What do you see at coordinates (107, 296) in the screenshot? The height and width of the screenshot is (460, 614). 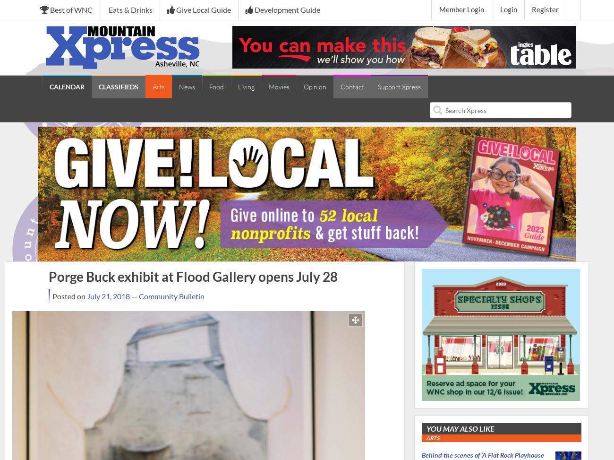 I see `'July 21, 2018'` at bounding box center [107, 296].